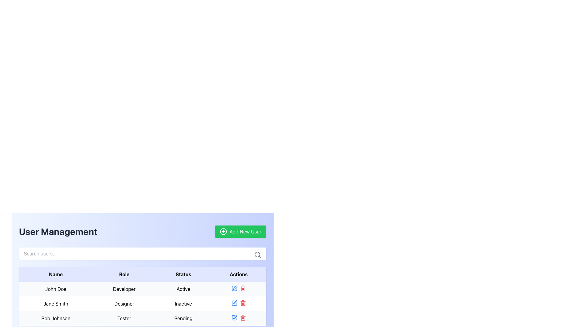 The width and height of the screenshot is (587, 330). I want to click on the text label 'Active' located in the 'Status' column of the first row for user 'John Doe' and role 'Developer', so click(183, 289).